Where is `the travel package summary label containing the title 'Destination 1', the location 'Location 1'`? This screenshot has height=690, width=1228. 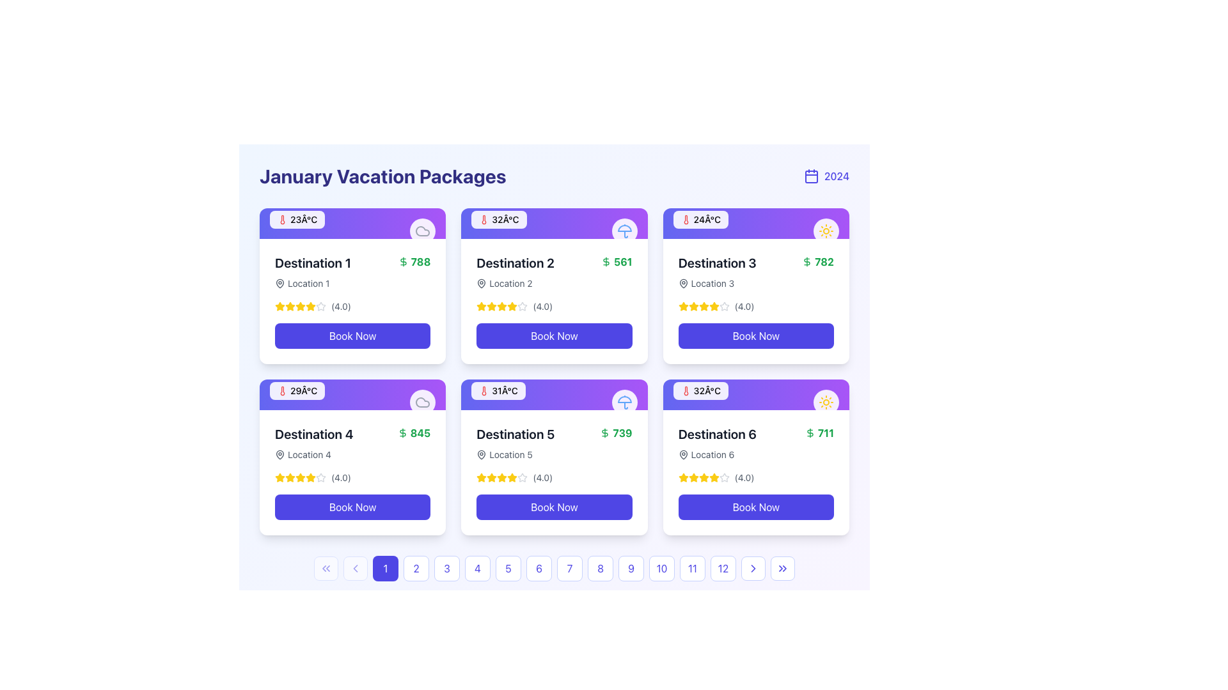 the travel package summary label containing the title 'Destination 1', the location 'Location 1' is located at coordinates (352, 271).